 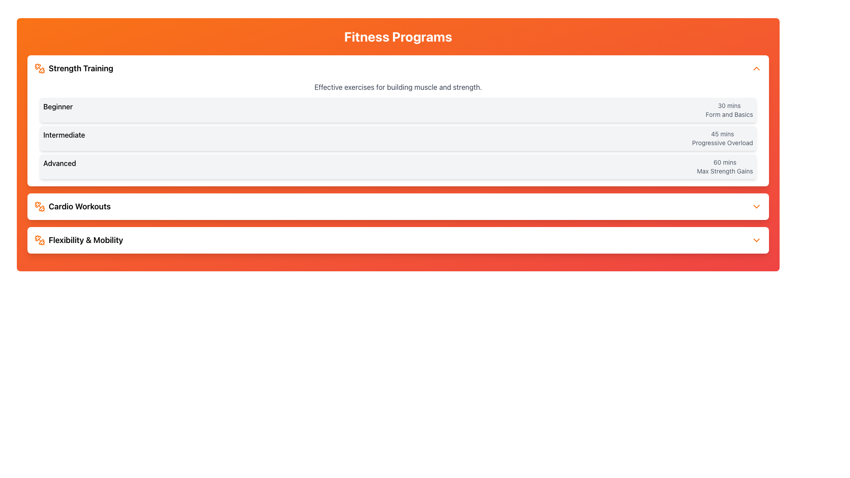 What do you see at coordinates (39, 206) in the screenshot?
I see `the 'Cardio Workouts' icon located in the header section, positioned to the left of the text label 'Cardio Workouts'` at bounding box center [39, 206].